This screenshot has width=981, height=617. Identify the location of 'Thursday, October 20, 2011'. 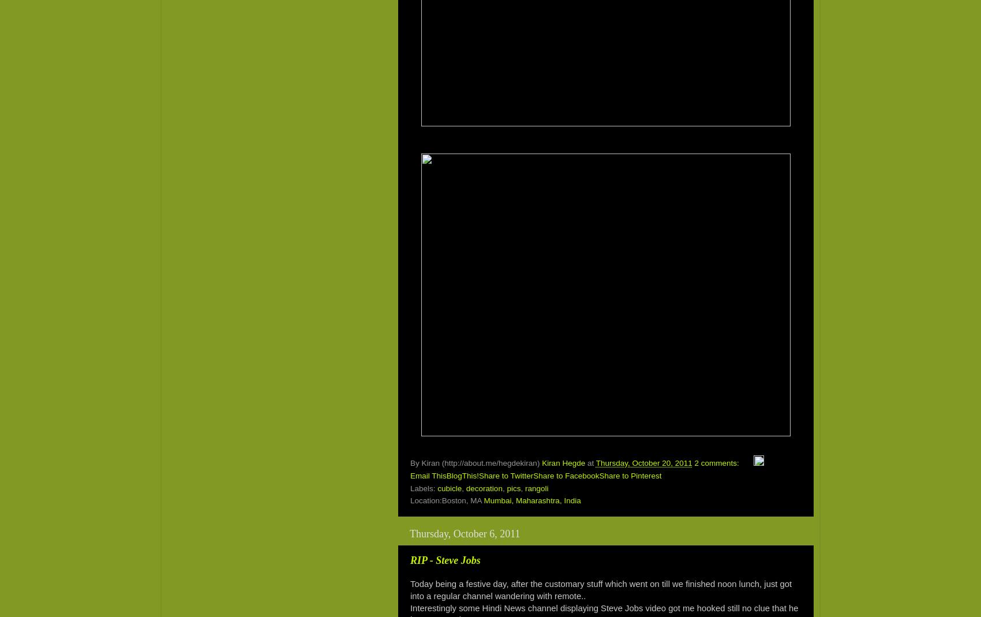
(643, 463).